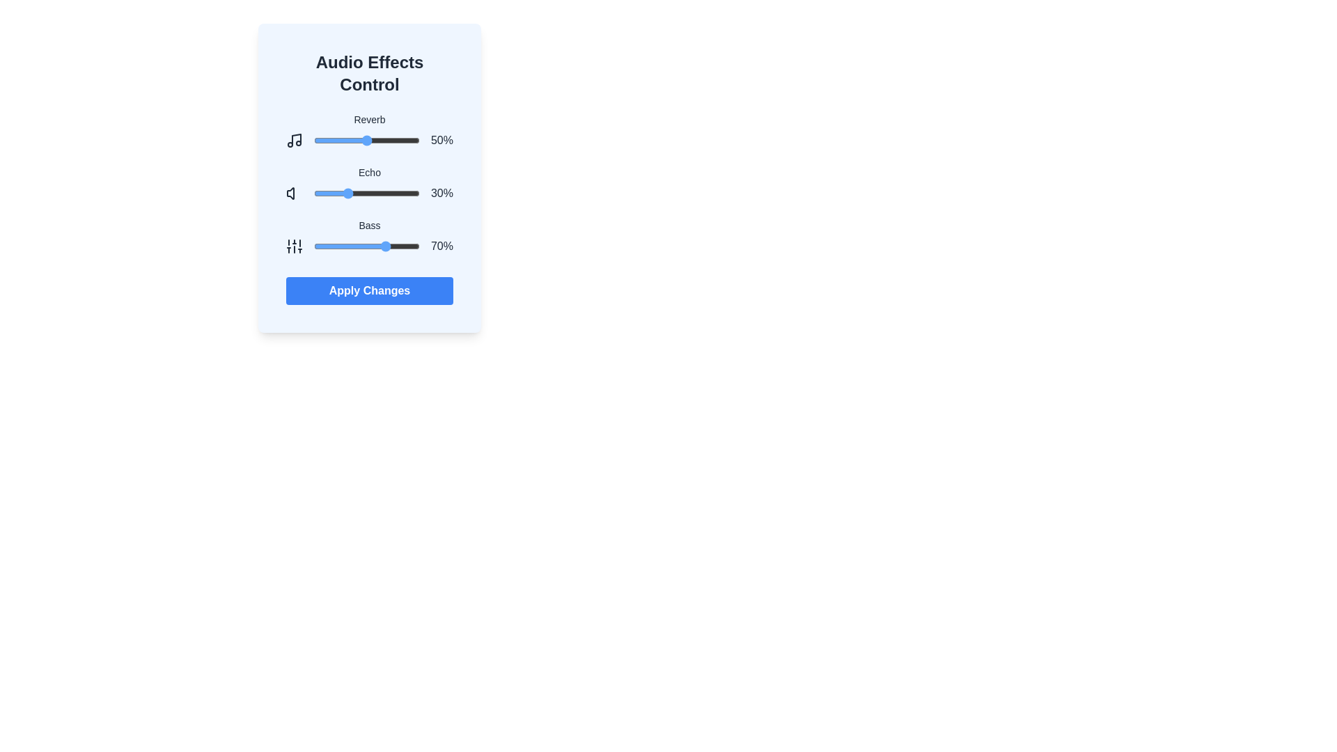 Image resolution: width=1337 pixels, height=752 pixels. I want to click on the Echo level, so click(320, 193).